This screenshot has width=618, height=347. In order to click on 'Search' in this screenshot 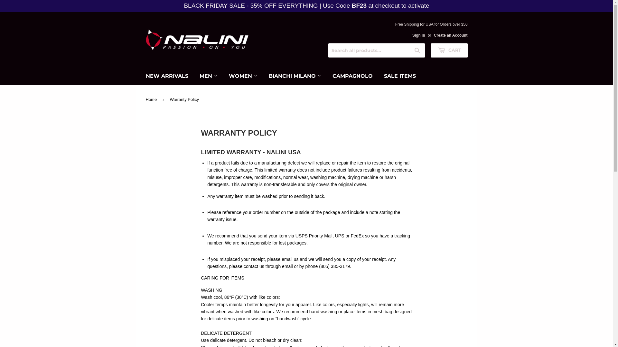, I will do `click(417, 50)`.